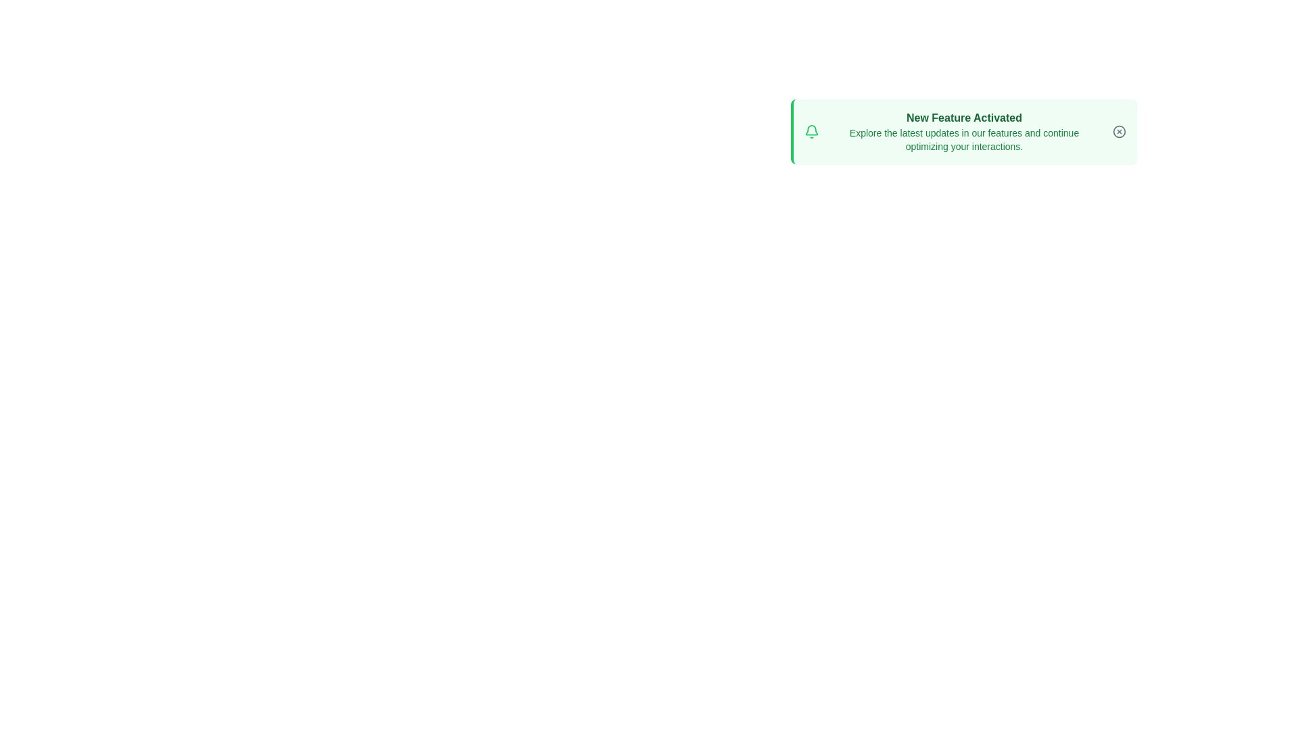  I want to click on the informational text block stating 'Explore the latest updates in our features and continue optimizing your interactions.' which is located below the title 'New Feature Activated' in the notification card, so click(963, 140).